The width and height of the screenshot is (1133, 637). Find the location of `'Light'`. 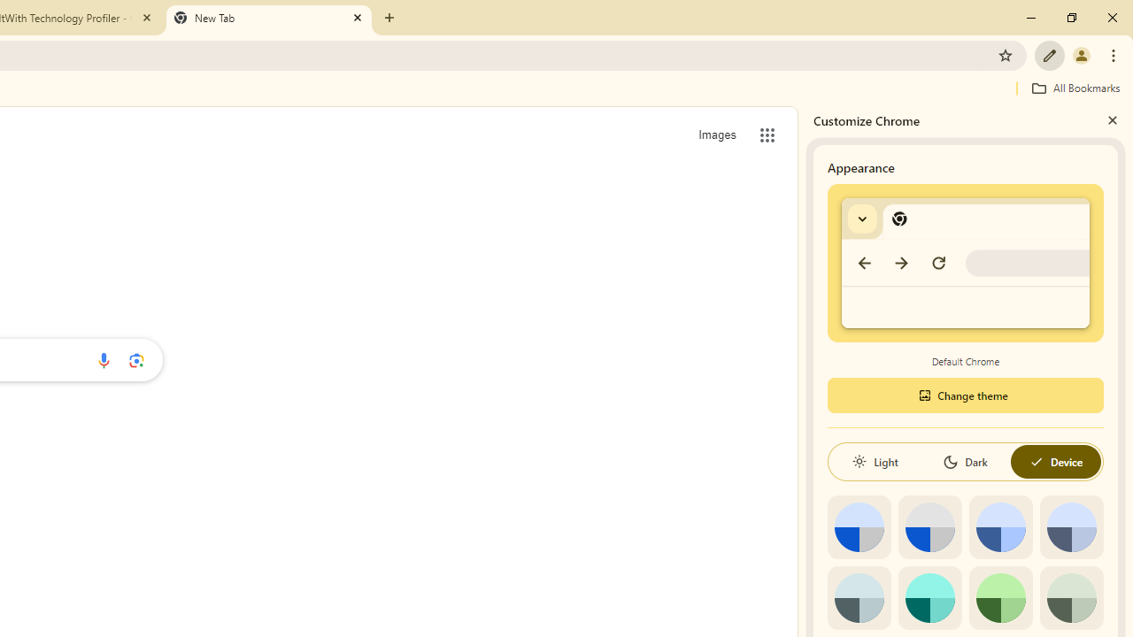

'Light' is located at coordinates (875, 461).